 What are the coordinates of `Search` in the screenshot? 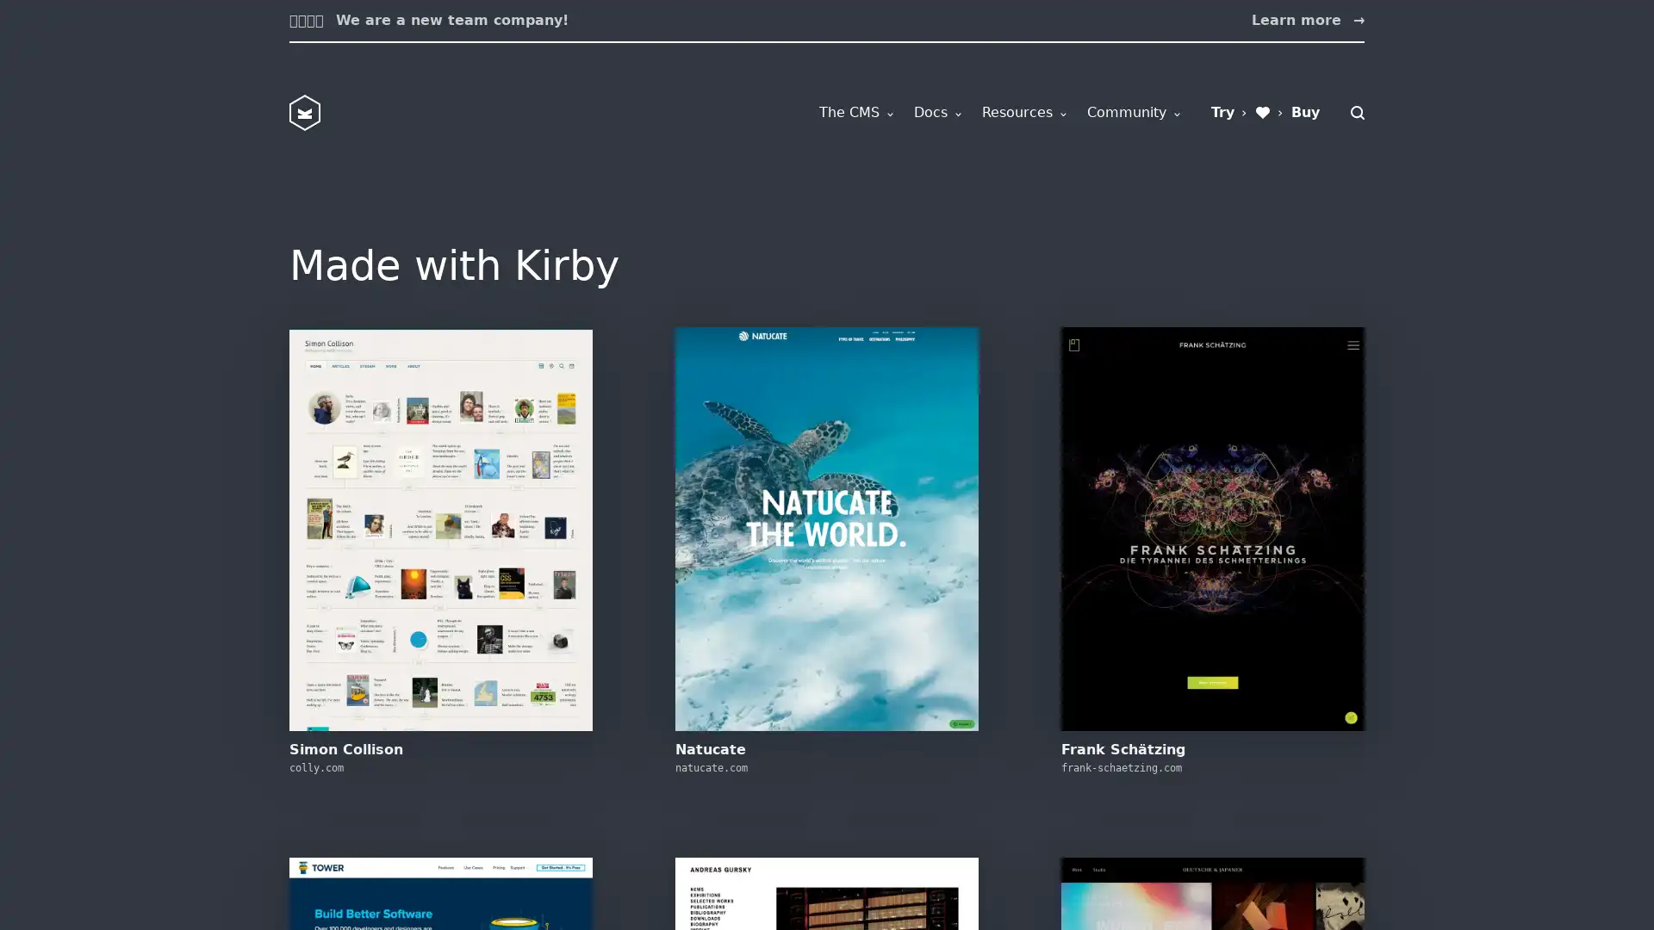 It's located at (1356, 113).